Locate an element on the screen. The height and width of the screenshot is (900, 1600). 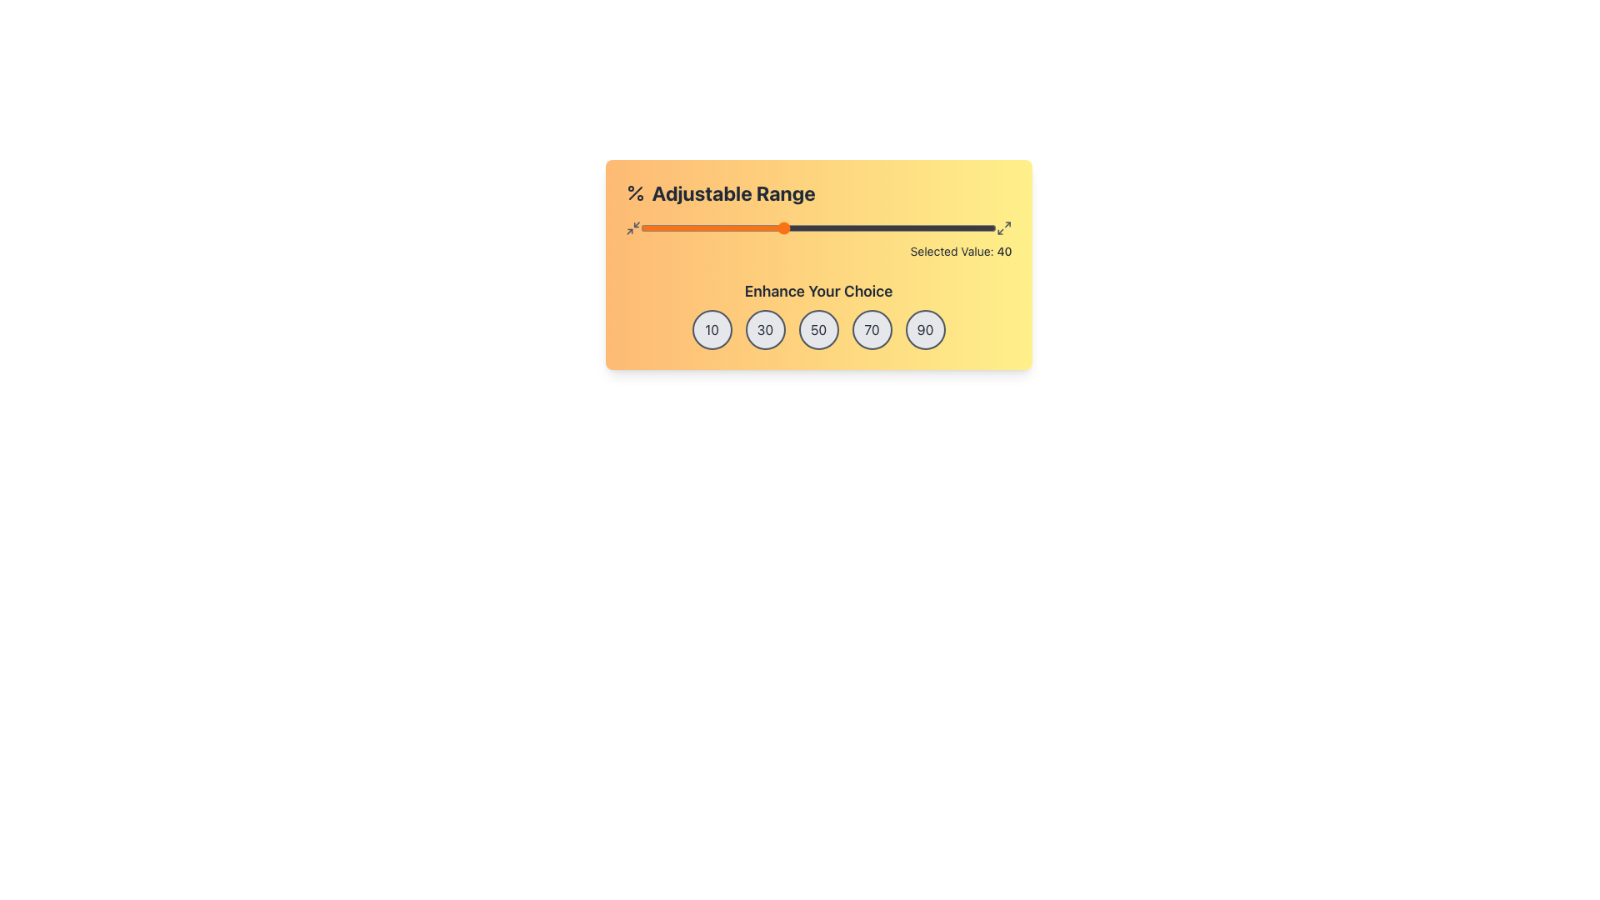
the slider value is located at coordinates (986, 227).